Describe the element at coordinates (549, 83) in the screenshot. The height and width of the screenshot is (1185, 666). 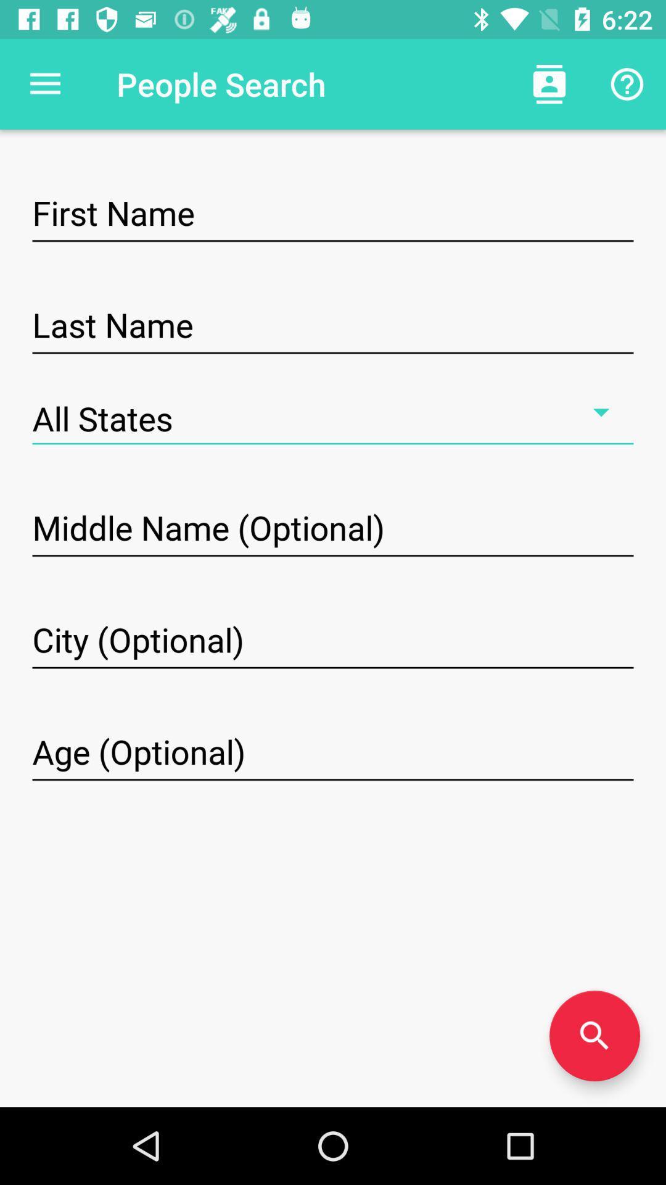
I see `the icon next to the people search icon` at that location.